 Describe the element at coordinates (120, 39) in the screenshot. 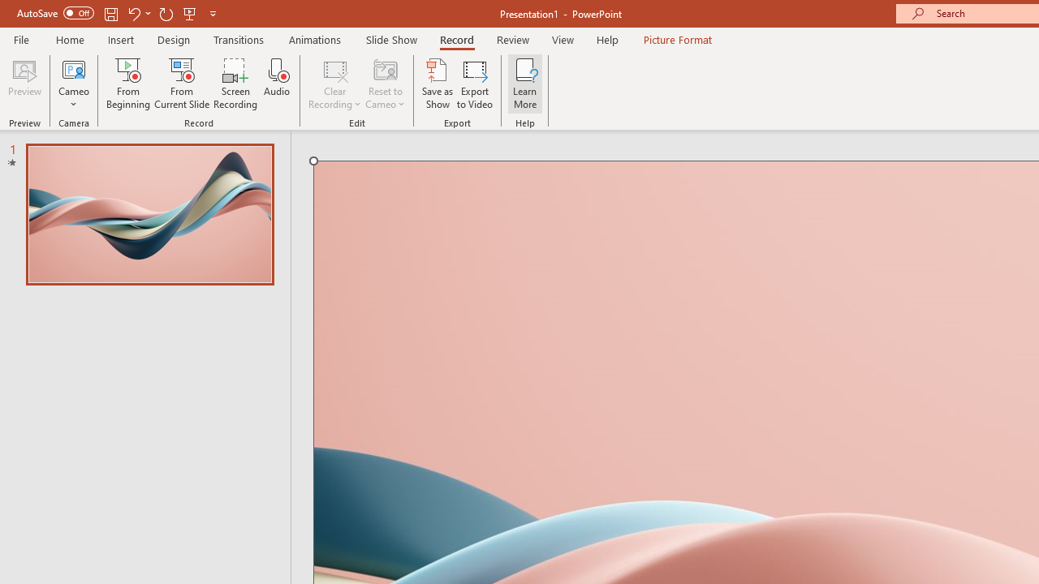

I see `'Insert'` at that location.